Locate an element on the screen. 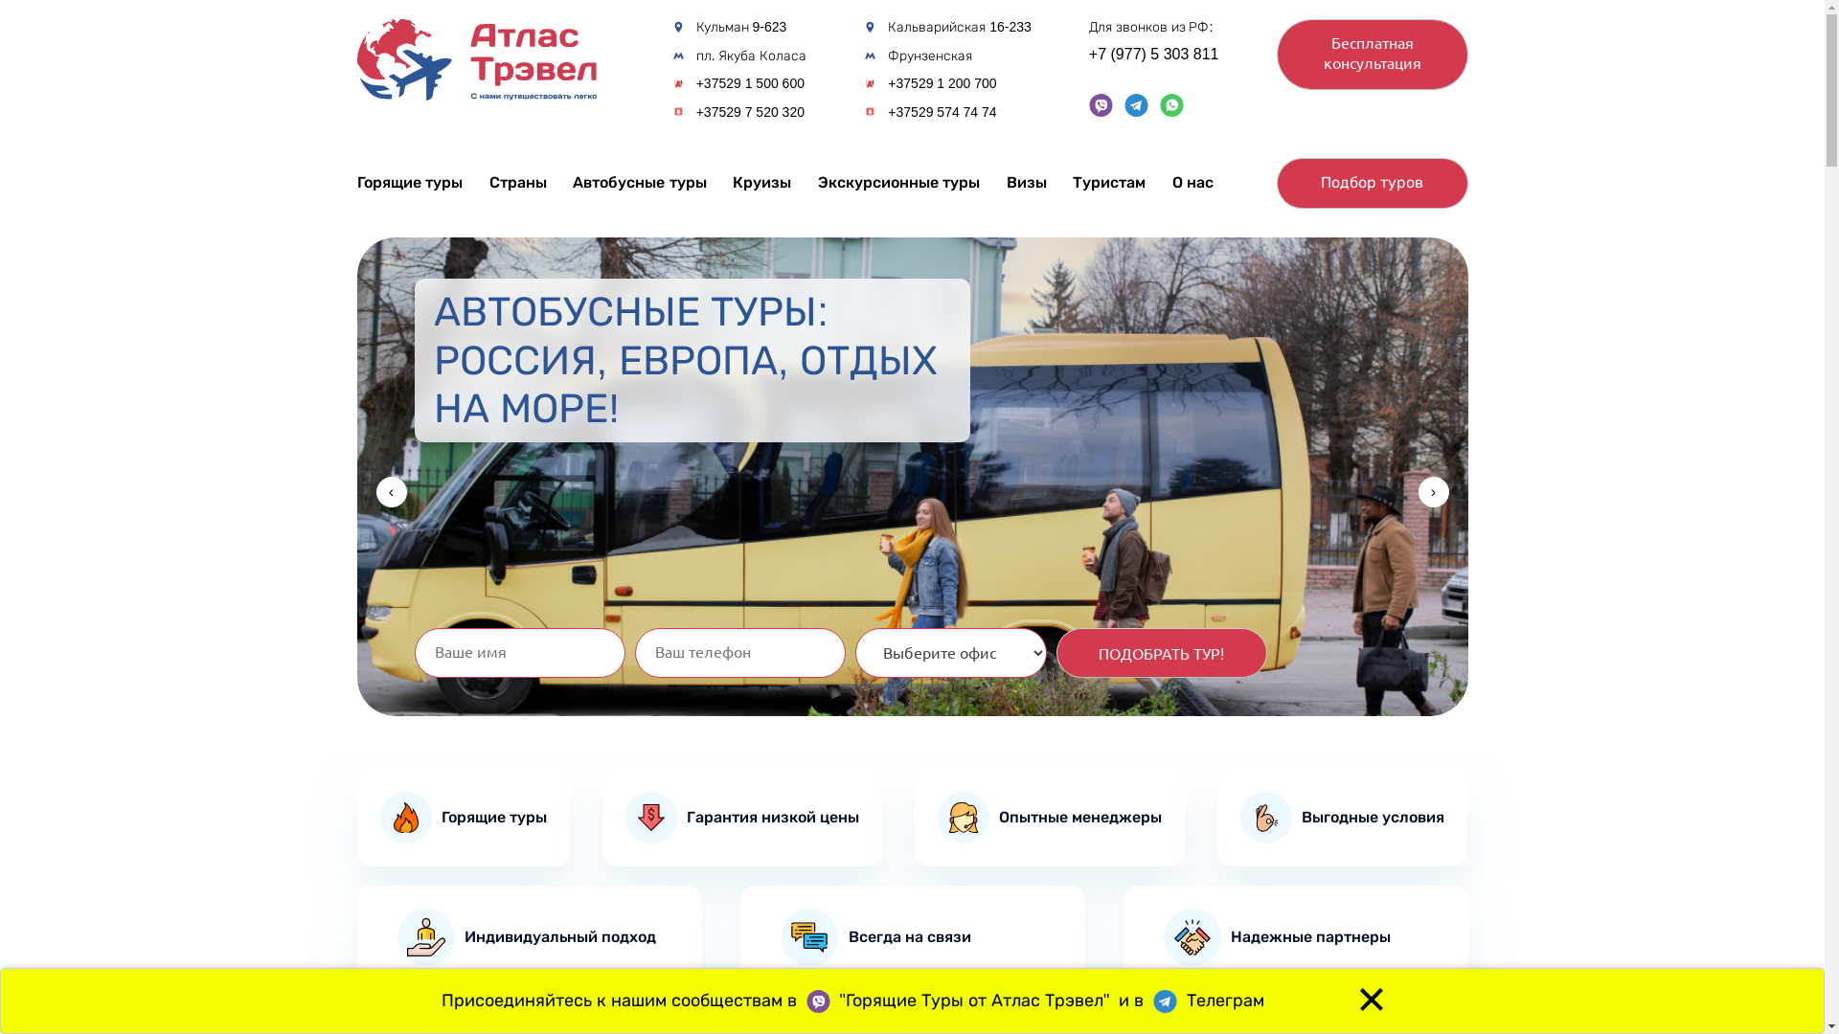 Image resolution: width=1839 pixels, height=1034 pixels. '+37529 1 500 600' is located at coordinates (749, 82).